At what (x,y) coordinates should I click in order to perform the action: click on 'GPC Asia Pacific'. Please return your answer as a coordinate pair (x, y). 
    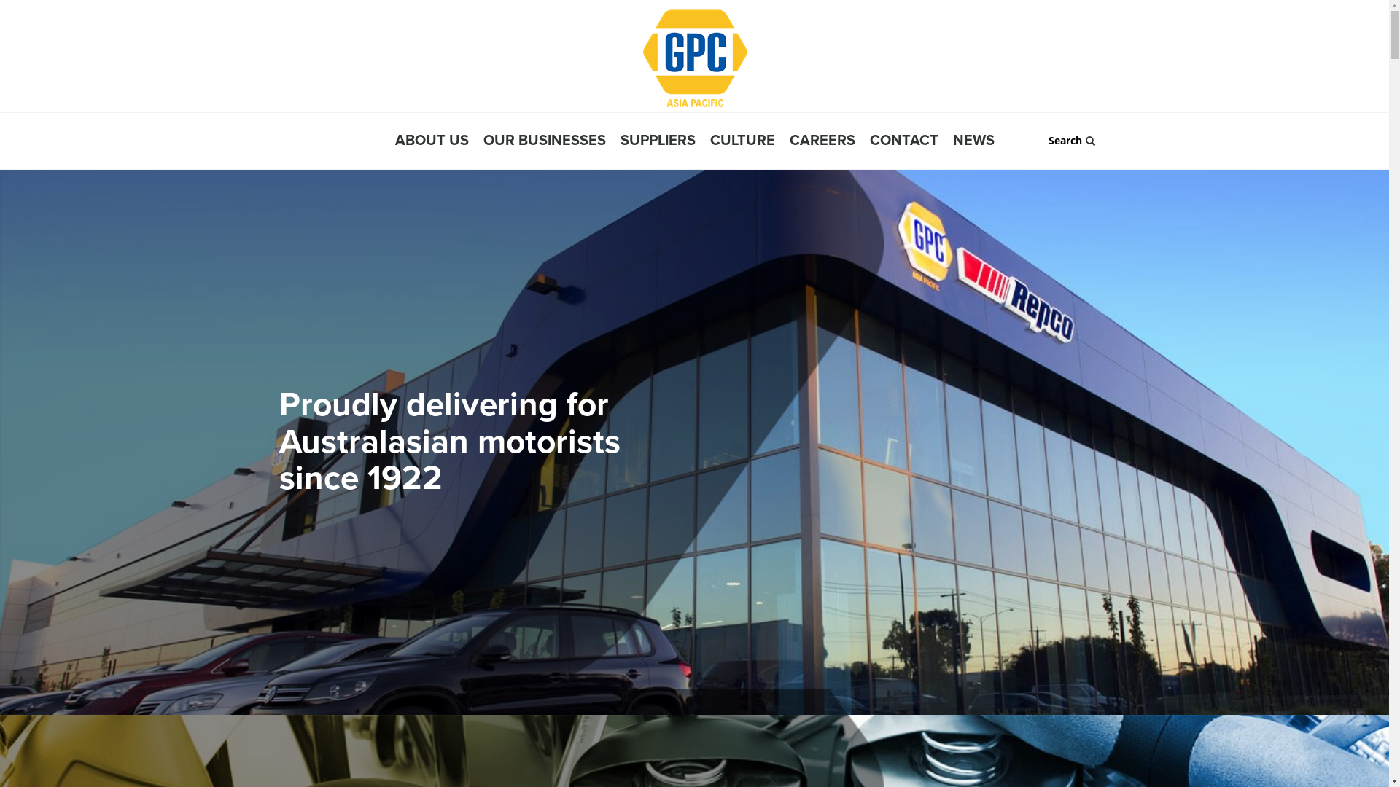
    Looking at the image, I should click on (641, 58).